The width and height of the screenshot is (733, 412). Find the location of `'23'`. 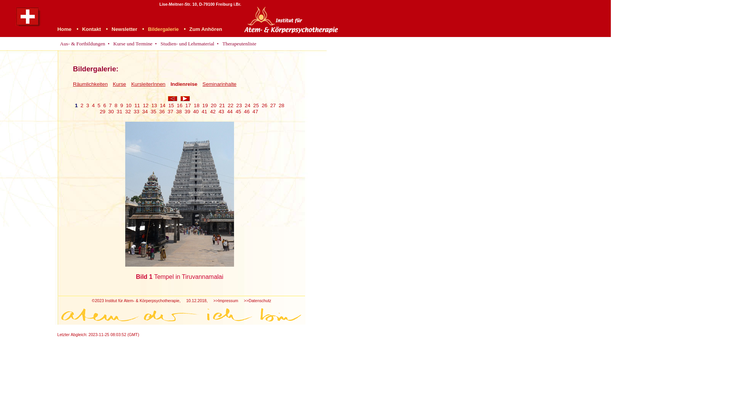

'23' is located at coordinates (239, 105).